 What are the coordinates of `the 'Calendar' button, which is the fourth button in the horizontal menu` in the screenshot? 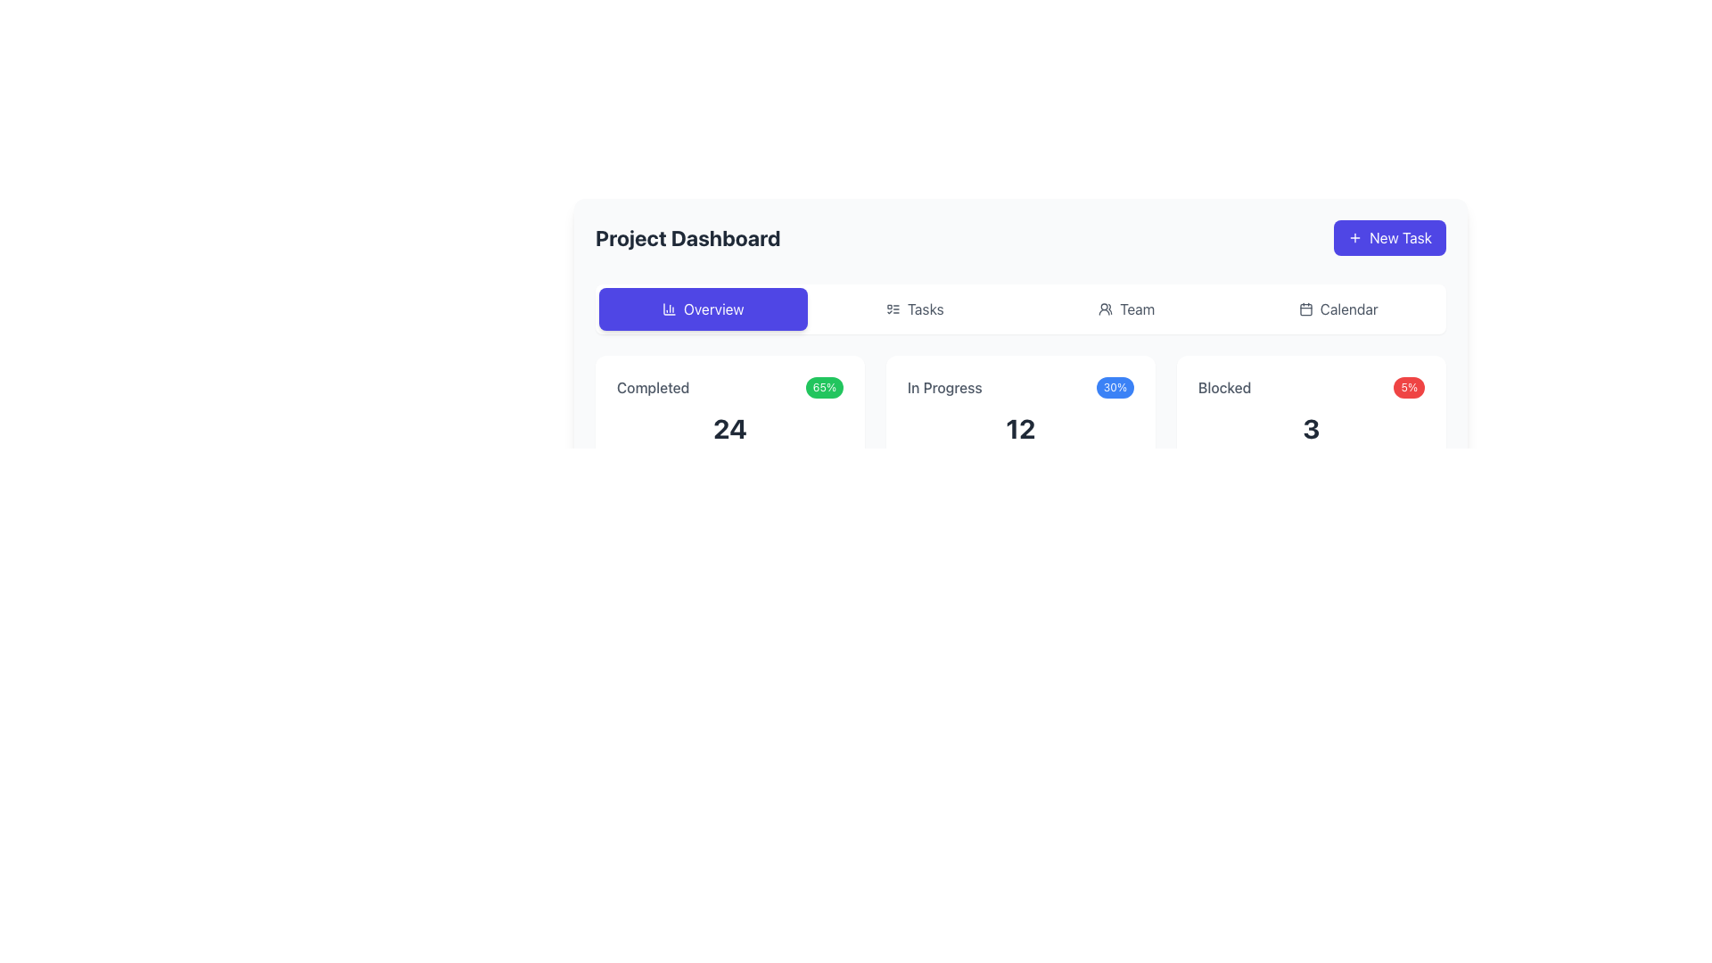 It's located at (1338, 309).